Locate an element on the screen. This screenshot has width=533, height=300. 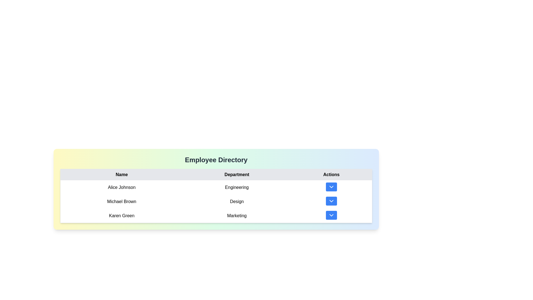
the third row in the Employee Directory labeled 'Karen Green', which contains a blue button with a dropdown icon is located at coordinates (216, 215).